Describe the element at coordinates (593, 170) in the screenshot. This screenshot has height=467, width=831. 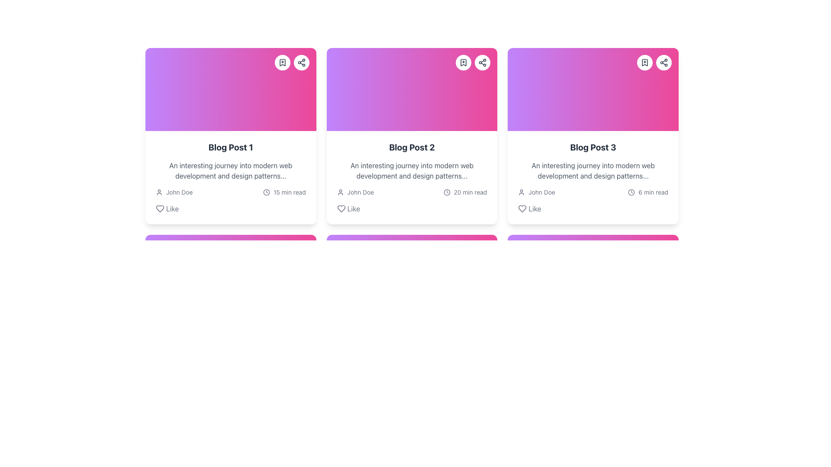
I see `the text block displaying 'An interesting journey into modern web development and design patterns...' located below the 'Blog Post 3' title to trigger a tooltip or highlight` at that location.